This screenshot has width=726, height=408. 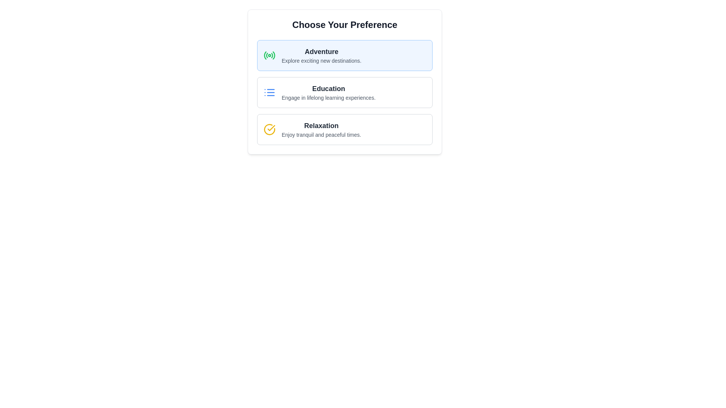 I want to click on the text label displaying the word 'Adventure', which is styled in a bold dark gray font on a light blue background, located at the top of the first card layout in a vertical list of preference options, so click(x=321, y=51).